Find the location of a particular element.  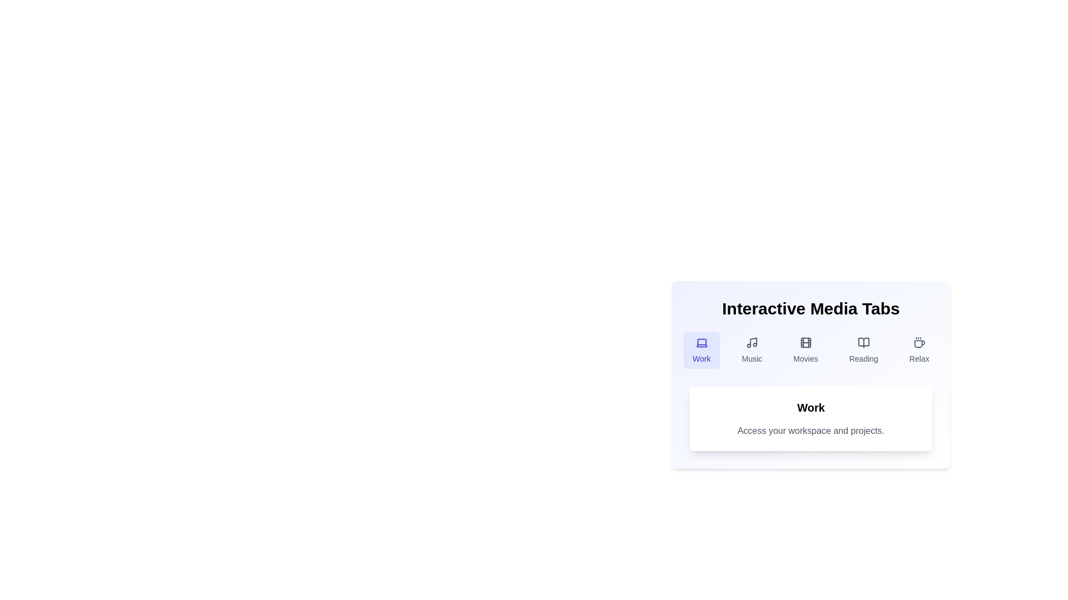

the tab labeled Work by clicking on it is located at coordinates (701, 351).